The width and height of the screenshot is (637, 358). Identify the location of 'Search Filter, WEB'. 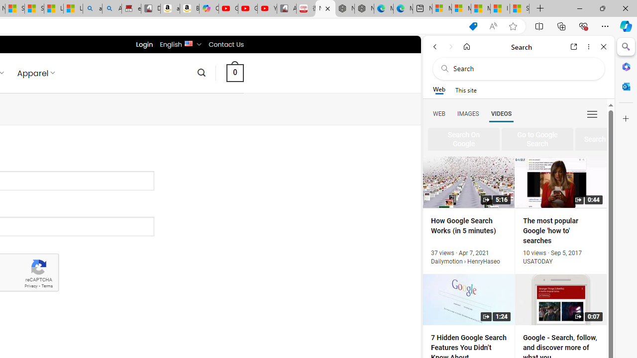
(438, 113).